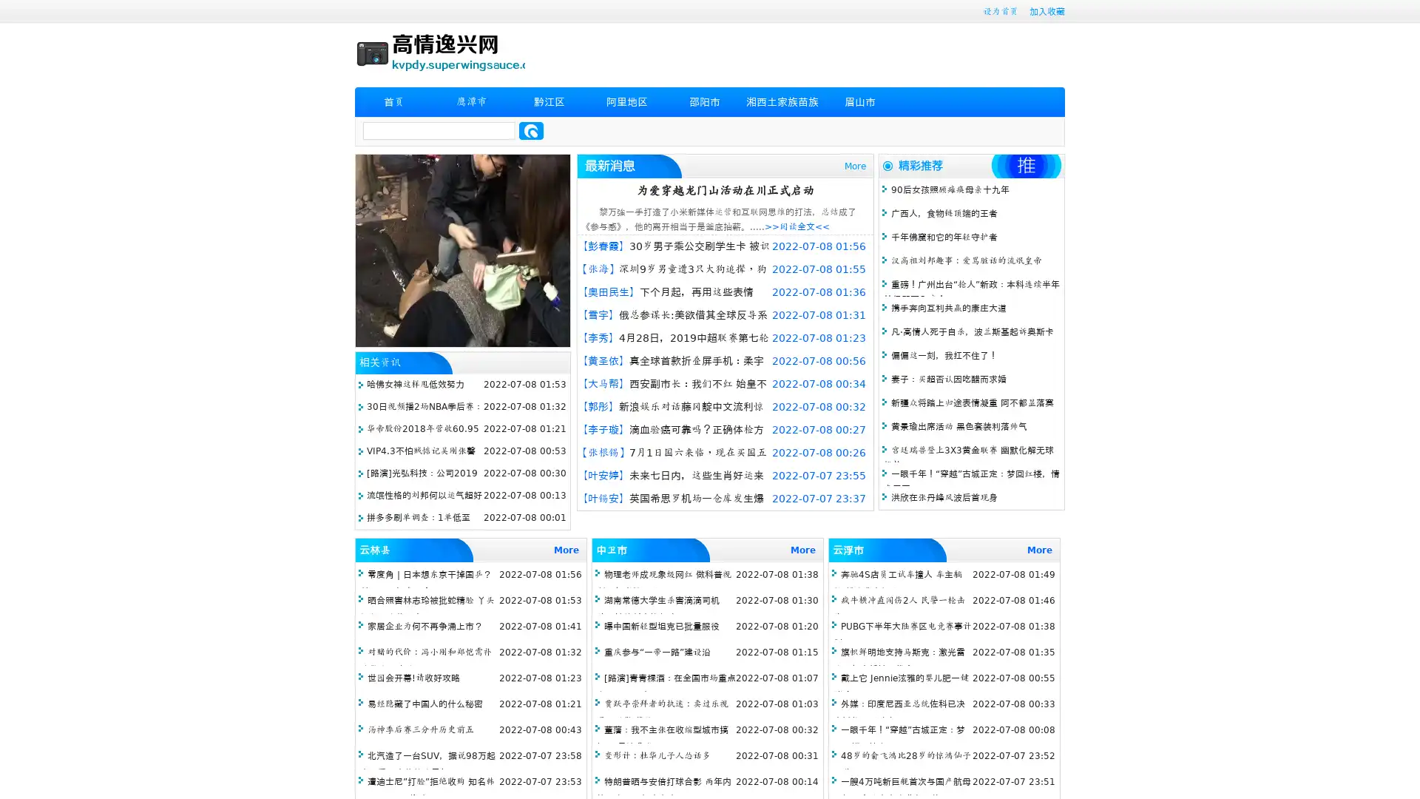  I want to click on Search, so click(531, 130).